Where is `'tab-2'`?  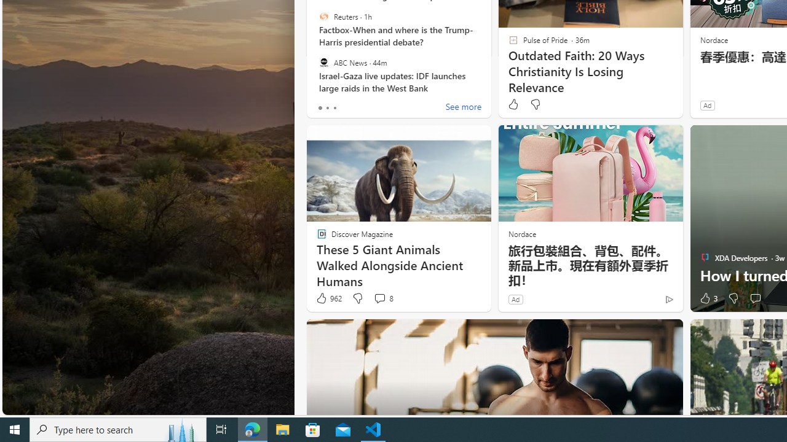
'tab-2' is located at coordinates (334, 107).